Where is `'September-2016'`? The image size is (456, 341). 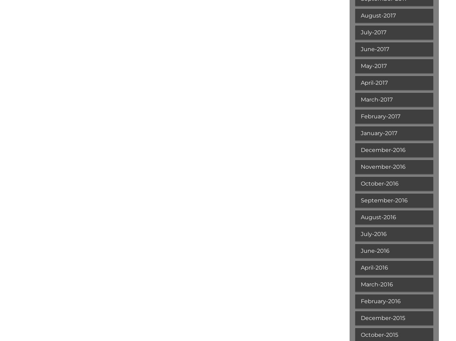
'September-2016' is located at coordinates (383, 200).